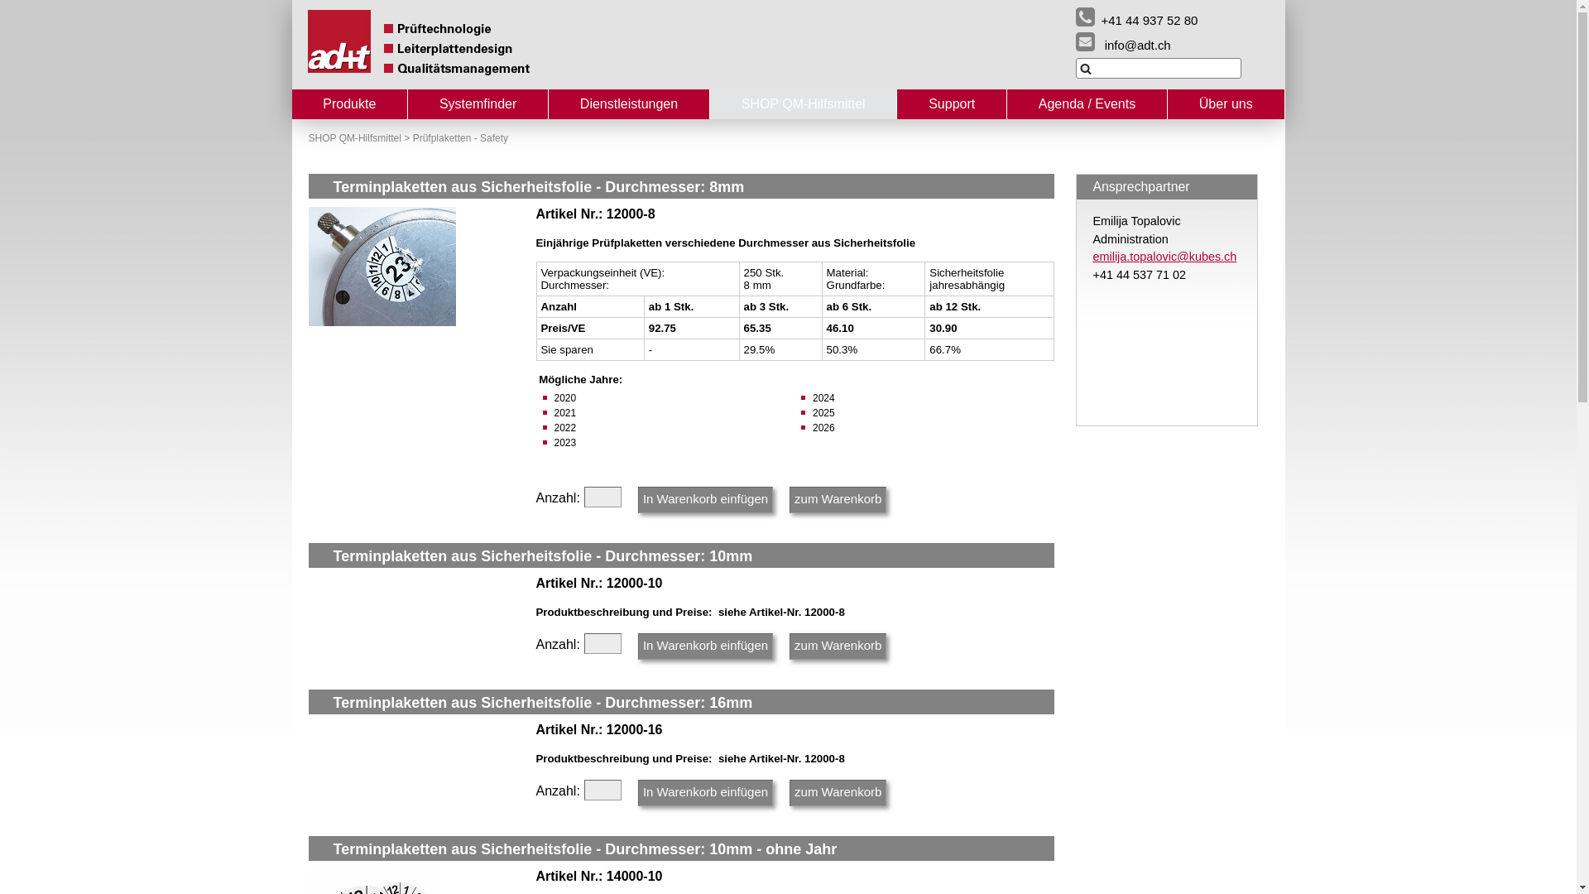 The image size is (1589, 894). Describe the element at coordinates (838, 499) in the screenshot. I see `'zum Warenkorb'` at that location.